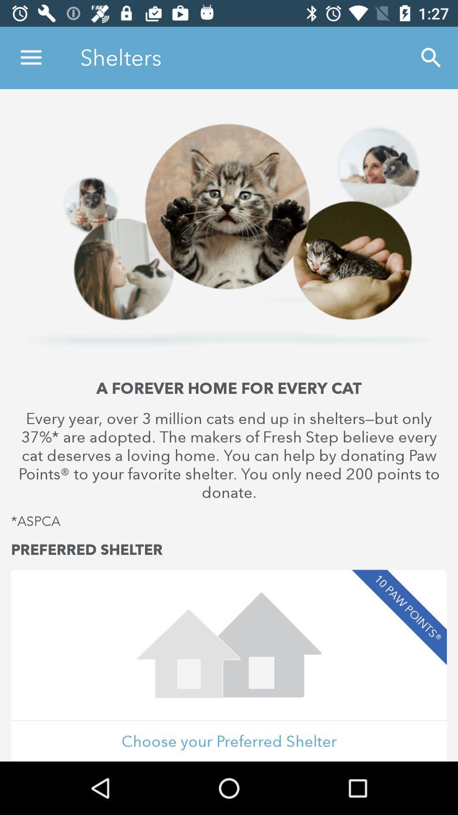  Describe the element at coordinates (431, 57) in the screenshot. I see `the icon next to the shelters icon` at that location.